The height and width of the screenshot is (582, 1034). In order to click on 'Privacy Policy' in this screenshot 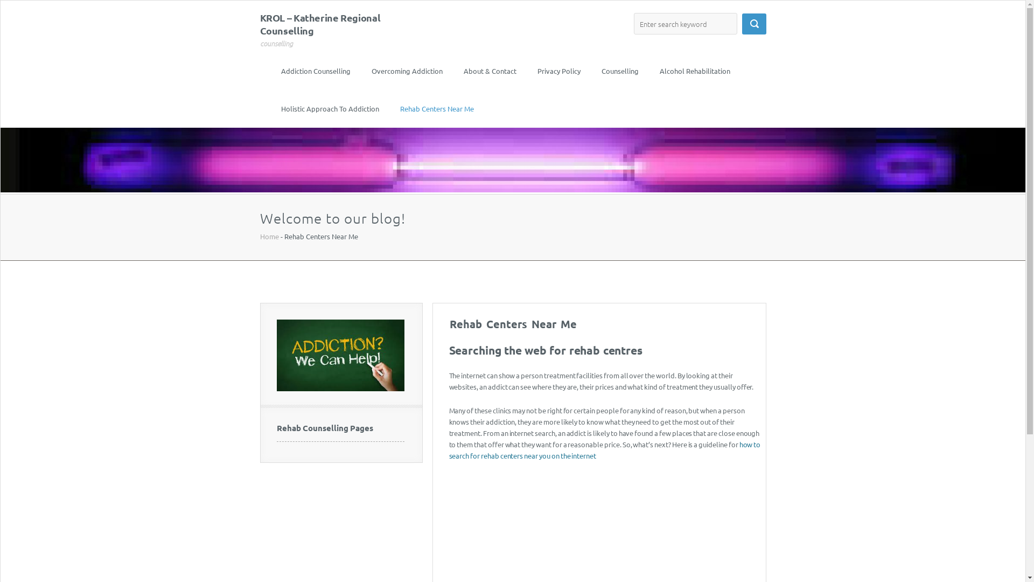, I will do `click(558, 71)`.